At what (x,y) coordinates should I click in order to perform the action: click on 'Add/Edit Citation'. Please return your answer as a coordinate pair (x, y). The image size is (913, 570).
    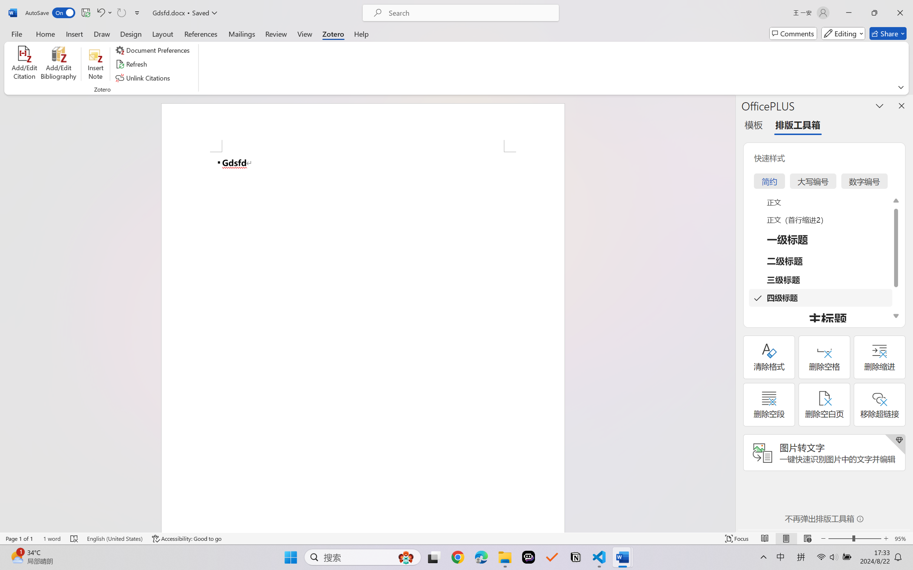
    Looking at the image, I should click on (25, 64).